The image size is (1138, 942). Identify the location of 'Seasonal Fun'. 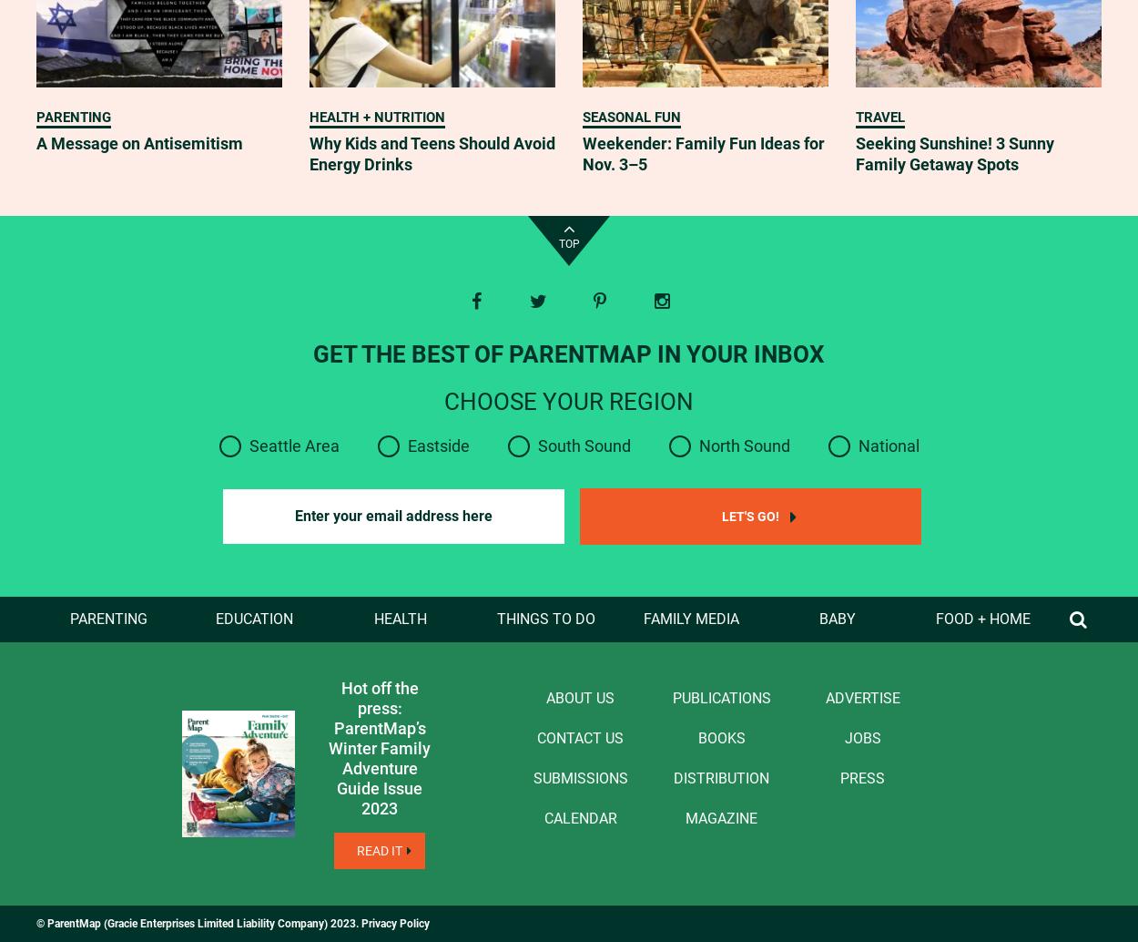
(631, 118).